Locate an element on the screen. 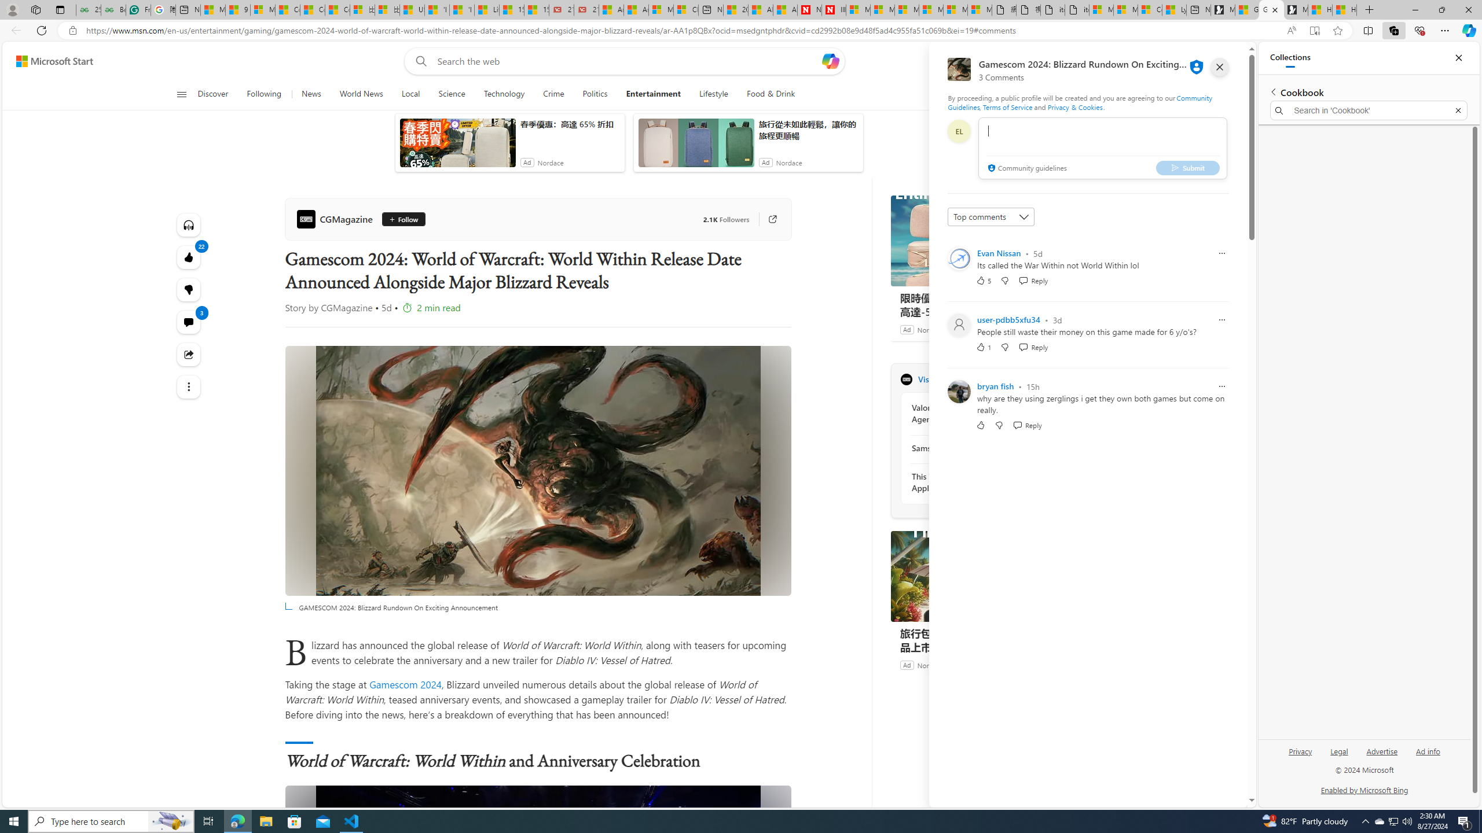  '5 Like' is located at coordinates (982, 279).